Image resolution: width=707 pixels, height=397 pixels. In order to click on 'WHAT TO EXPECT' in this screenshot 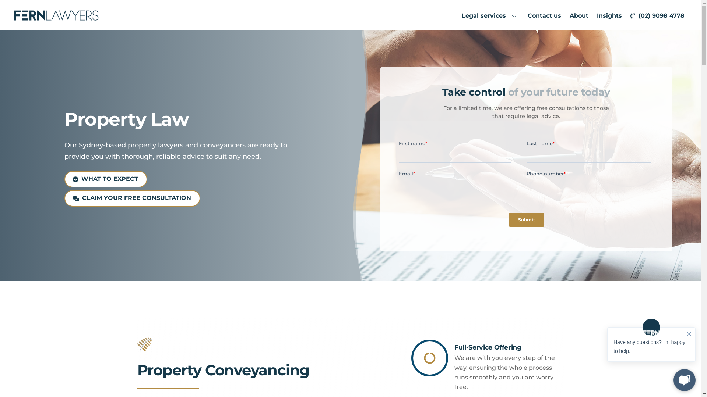, I will do `click(105, 179)`.